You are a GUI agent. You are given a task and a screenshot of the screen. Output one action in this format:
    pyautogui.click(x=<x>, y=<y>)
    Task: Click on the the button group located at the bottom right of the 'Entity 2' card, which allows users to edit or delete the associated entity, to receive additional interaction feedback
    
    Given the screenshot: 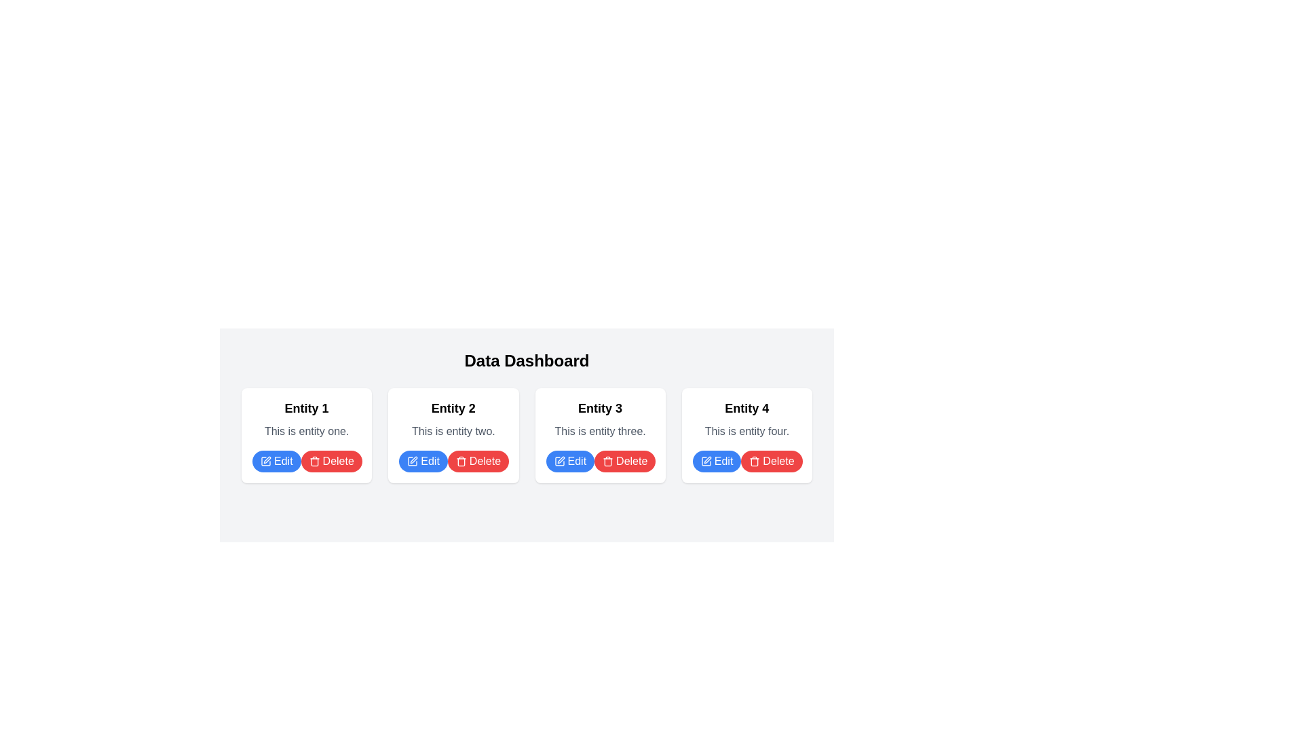 What is the action you would take?
    pyautogui.click(x=453, y=460)
    